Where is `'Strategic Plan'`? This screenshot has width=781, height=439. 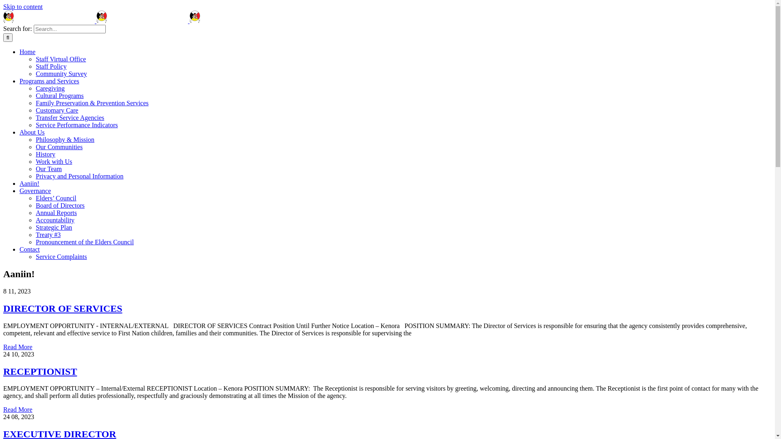 'Strategic Plan' is located at coordinates (53, 227).